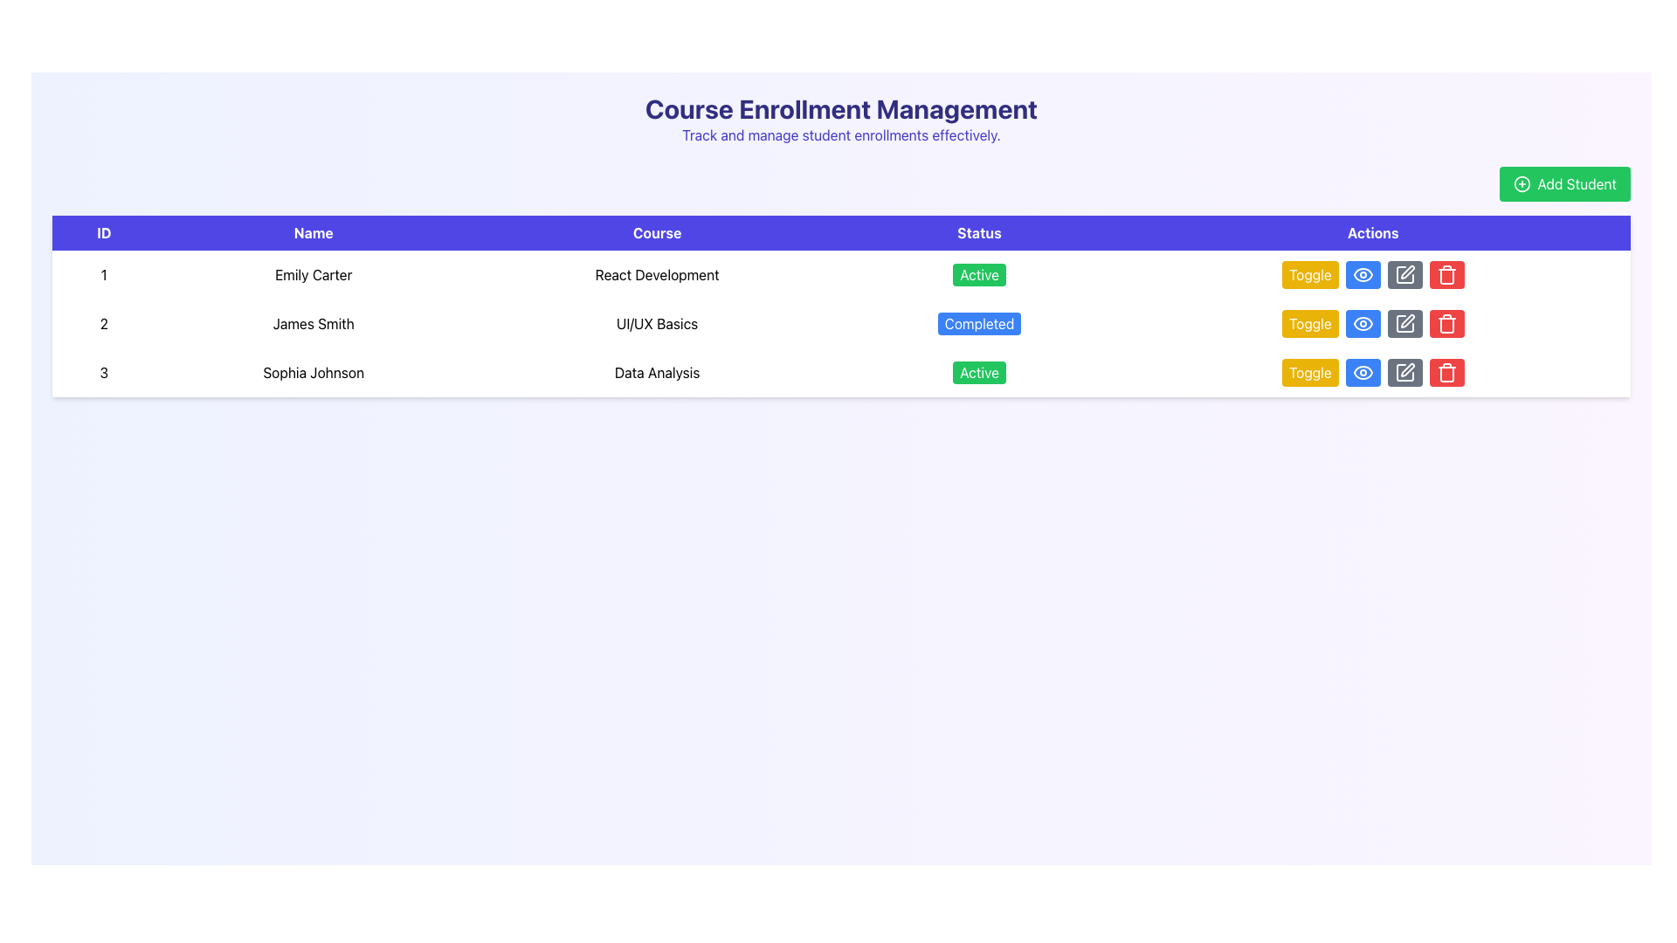 This screenshot has height=943, width=1677. What do you see at coordinates (1309, 323) in the screenshot?
I see `the toggle button in the 'Actions' column of the second row in the user data table to switch its setting` at bounding box center [1309, 323].